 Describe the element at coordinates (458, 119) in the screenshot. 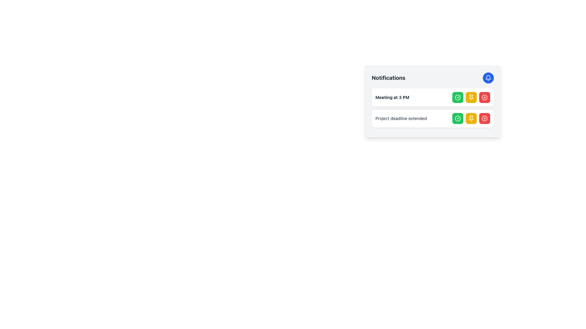

I see `the green circular icon with a white checkmark located in the second notification row labeled 'Project deadline extended', which is the leftmost icon among three icons with different background colors` at that location.